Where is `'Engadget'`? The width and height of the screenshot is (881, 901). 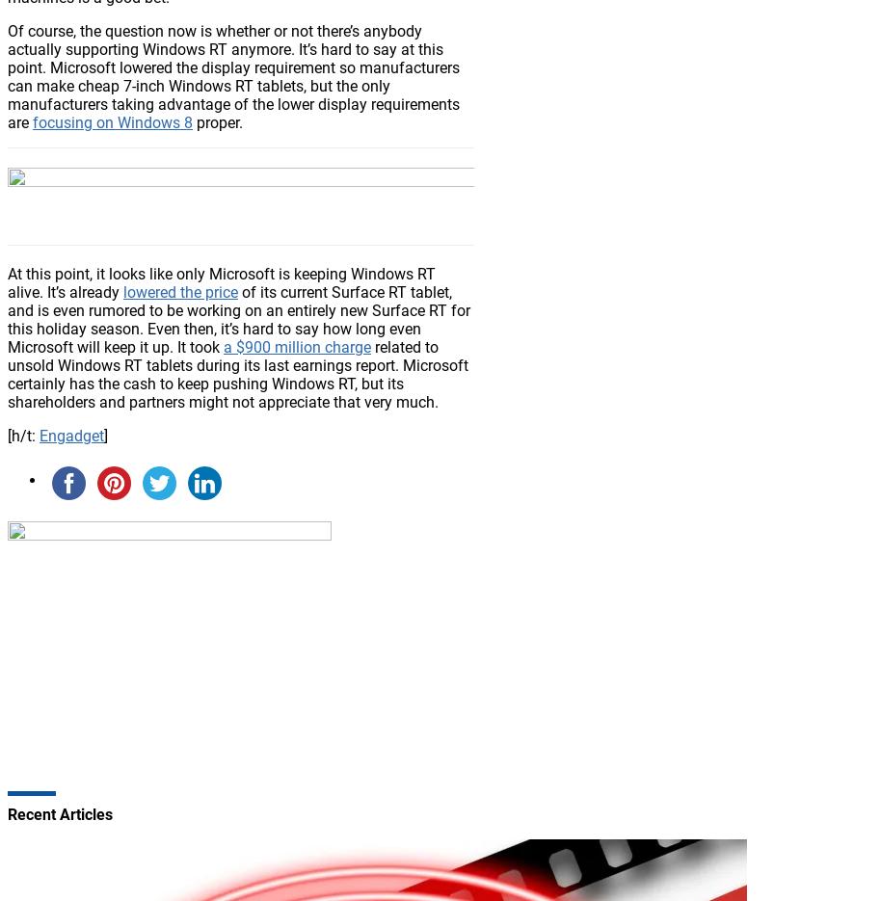
'Engadget' is located at coordinates (70, 434).